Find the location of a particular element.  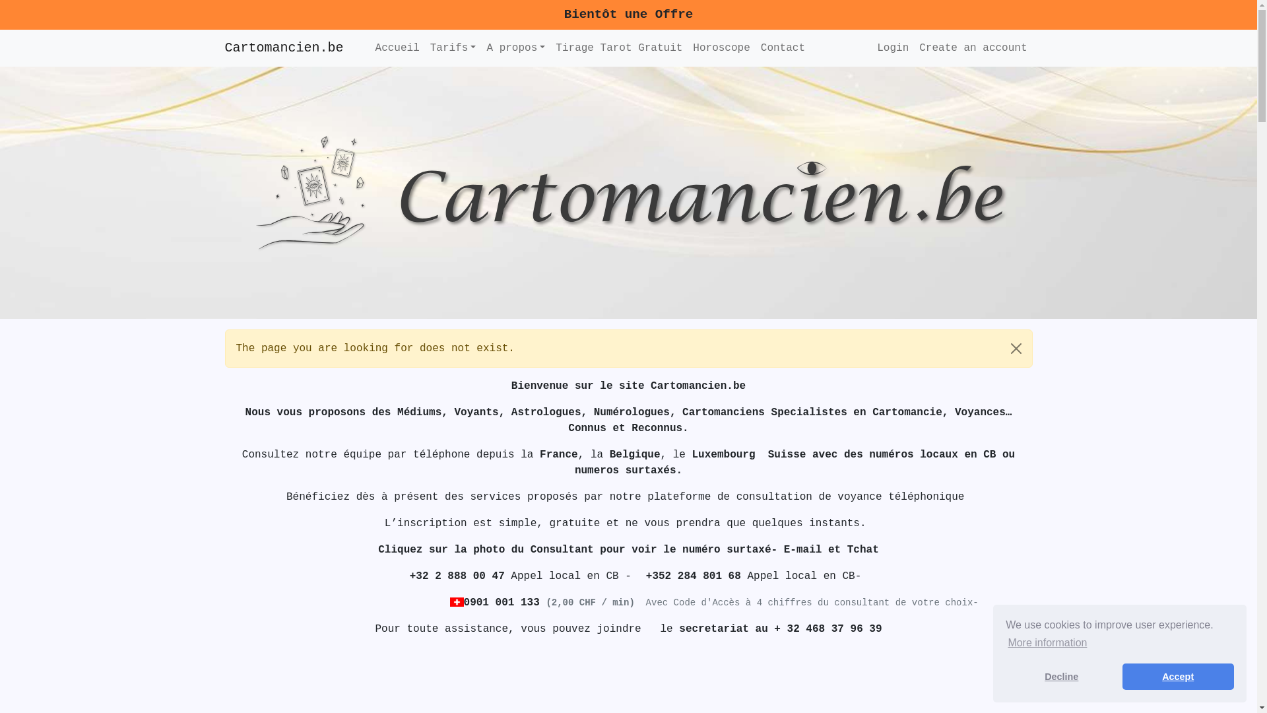

'Tarifs' is located at coordinates (453, 48).